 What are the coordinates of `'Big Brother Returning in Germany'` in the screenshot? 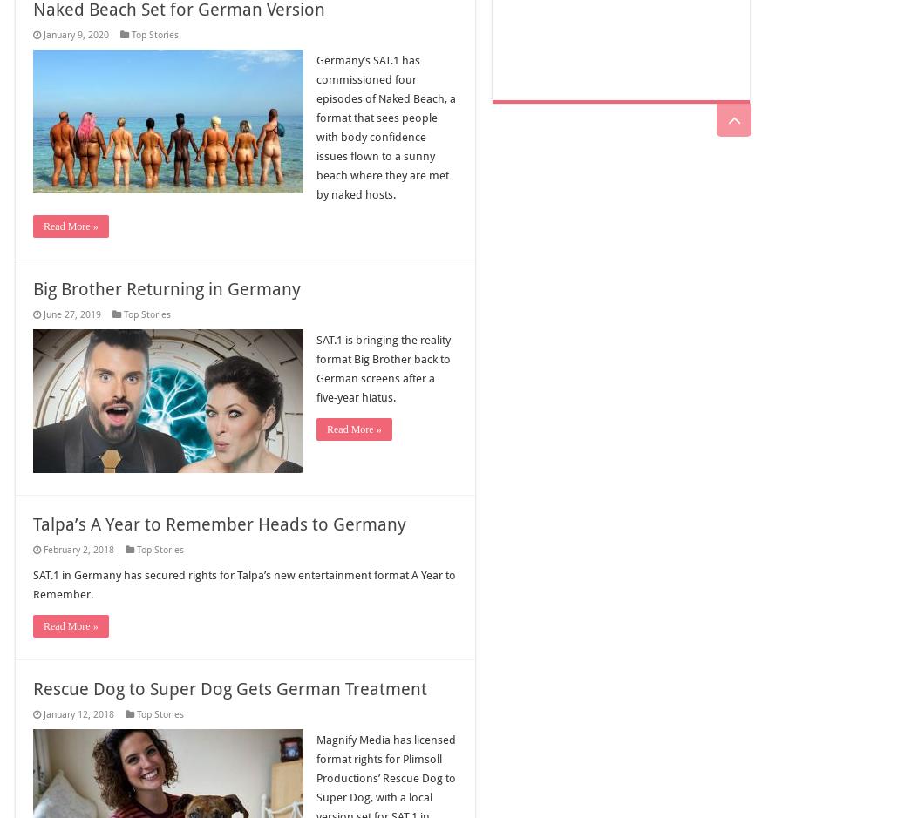 It's located at (167, 288).